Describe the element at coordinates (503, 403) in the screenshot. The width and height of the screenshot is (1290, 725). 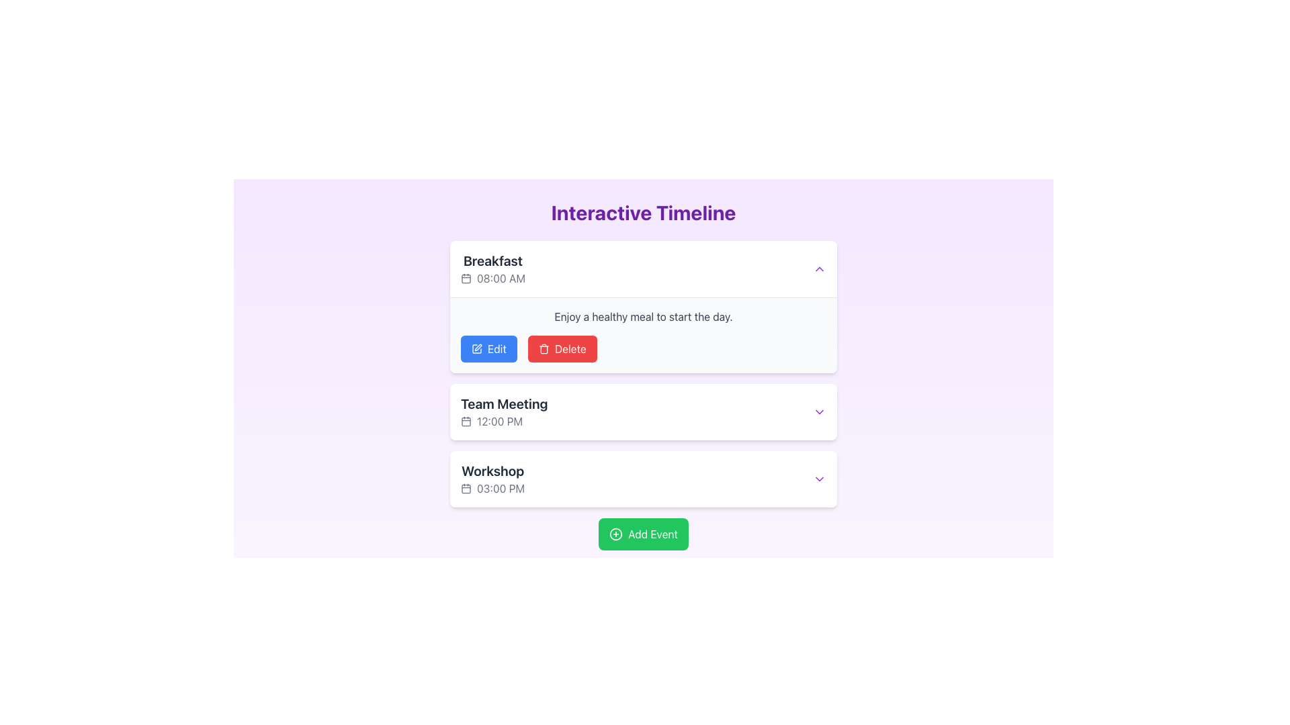
I see `title text for the scheduled event 'Team Meeting' located in the second section of the list under 'Interactive Timeline', positioned above '12:00 PM'` at that location.